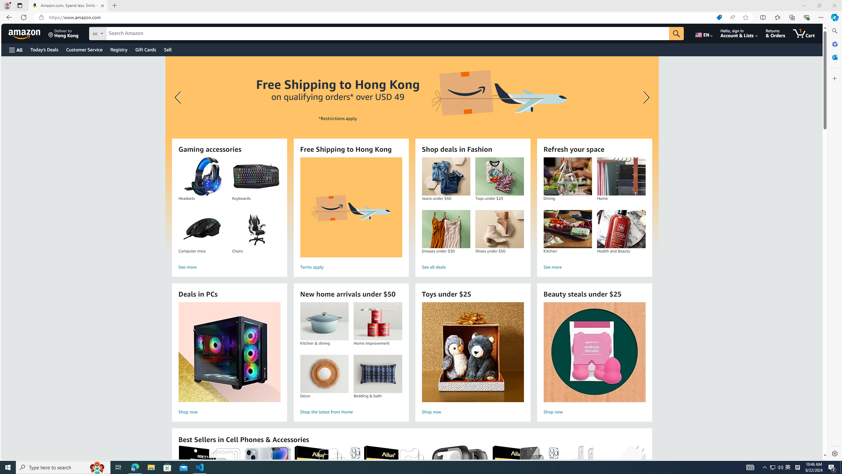 The image size is (842, 474). I want to click on 'Jeans under $50', so click(446, 176).